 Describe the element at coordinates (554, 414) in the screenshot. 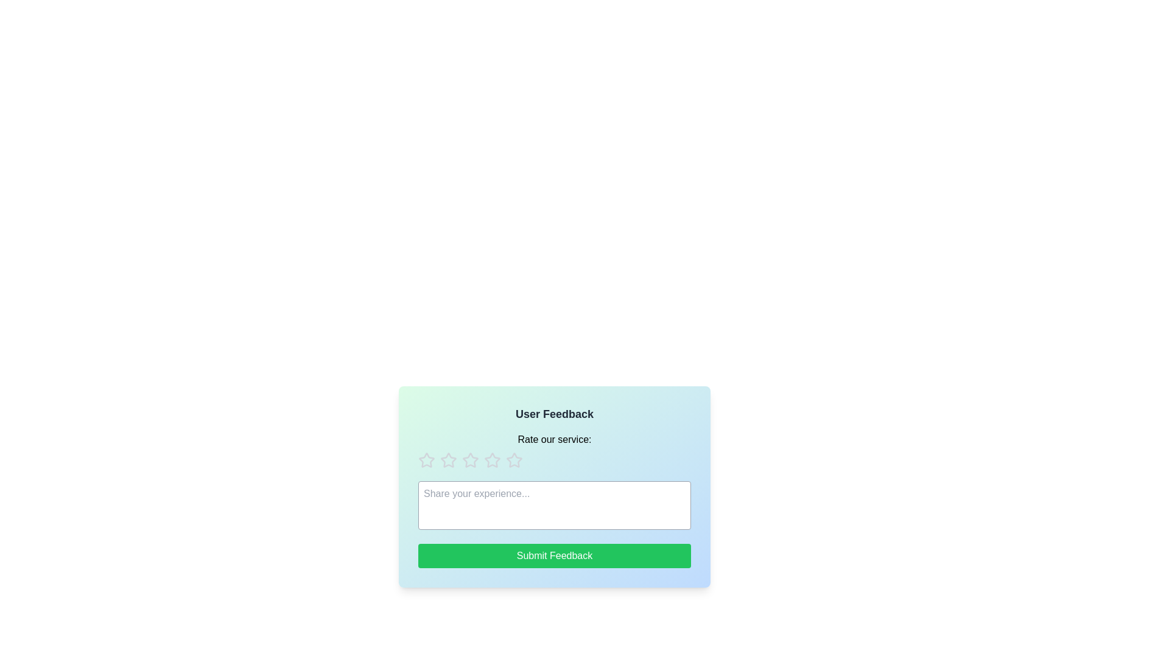

I see `the 'User Feedback' text label, which is a bold, large-sized label displayed at the top of a feedback card` at that location.